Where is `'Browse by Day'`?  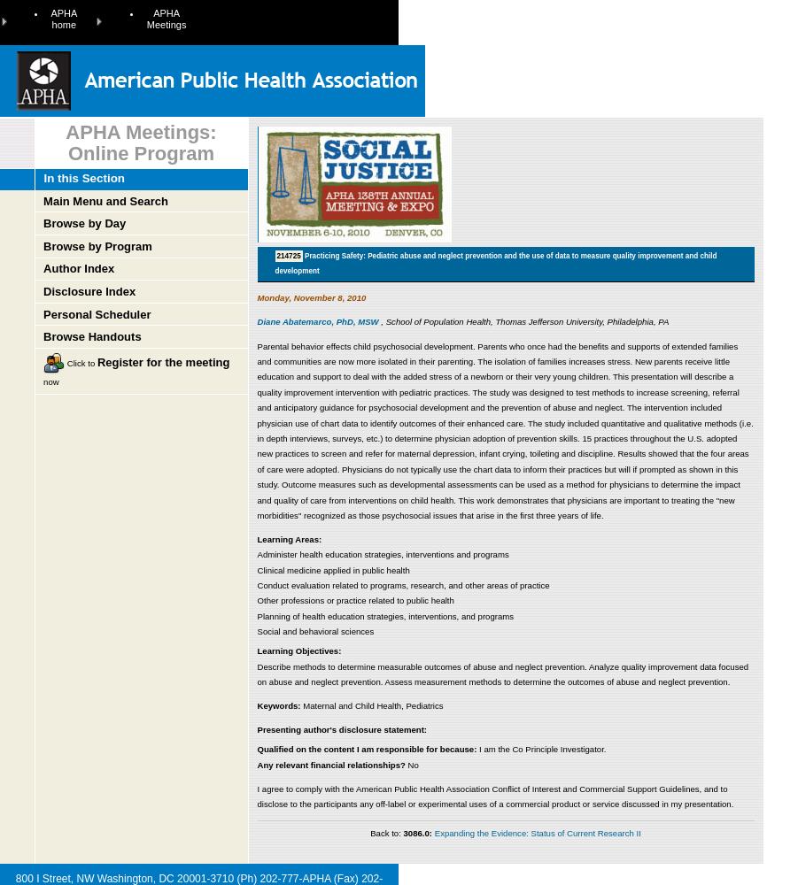 'Browse by Day' is located at coordinates (43, 223).